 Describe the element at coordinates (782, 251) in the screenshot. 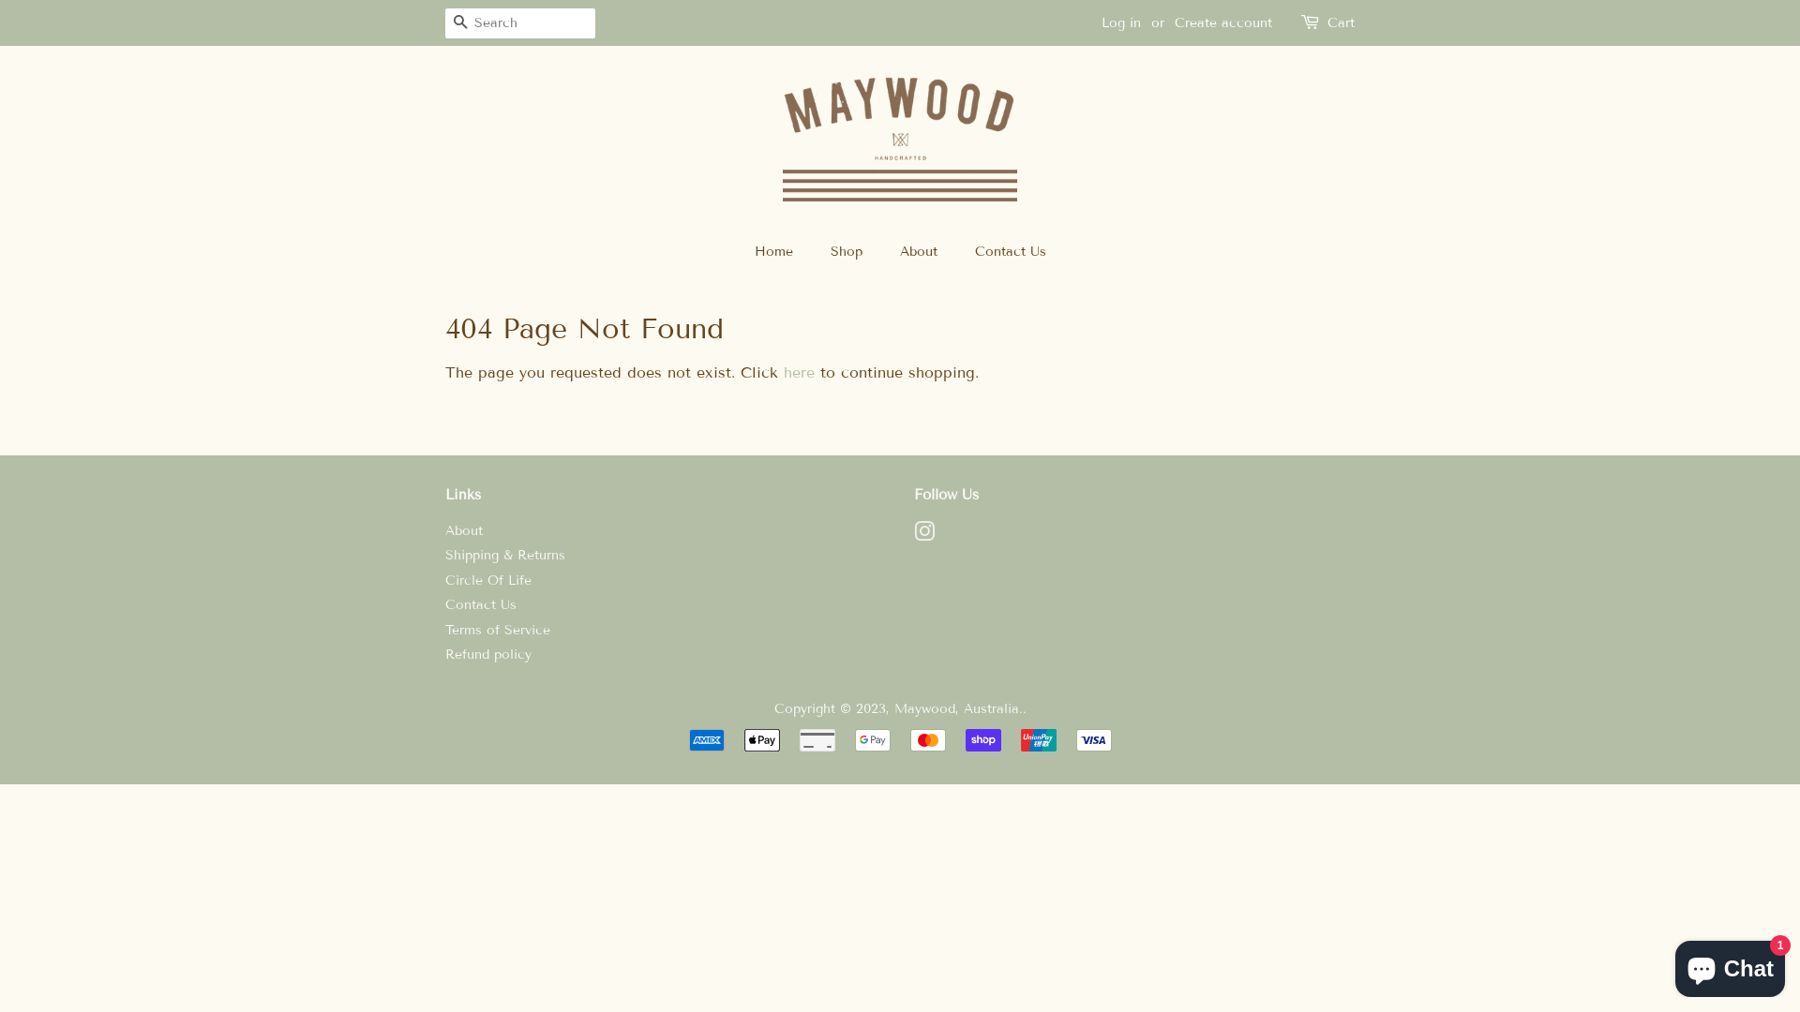

I see `'Home'` at that location.